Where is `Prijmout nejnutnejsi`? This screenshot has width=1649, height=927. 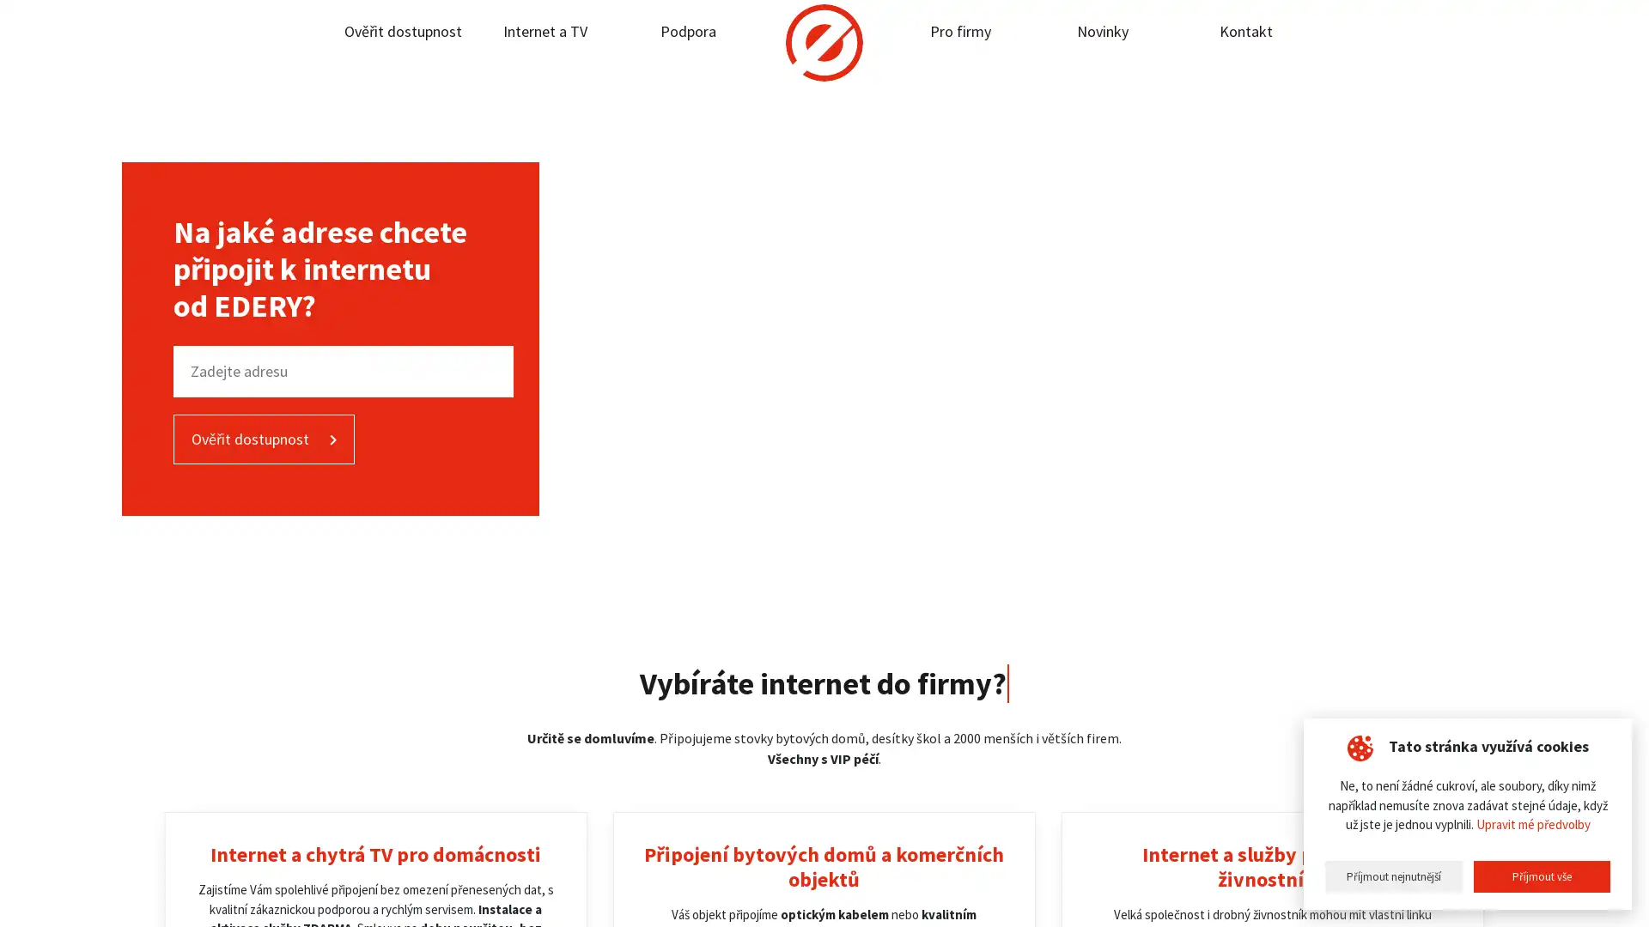
Prijmout nejnutnejsi is located at coordinates (1393, 876).